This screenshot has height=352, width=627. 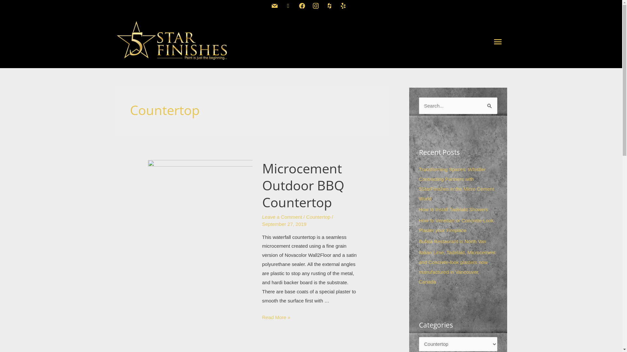 I want to click on 'yelp', so click(x=343, y=5).